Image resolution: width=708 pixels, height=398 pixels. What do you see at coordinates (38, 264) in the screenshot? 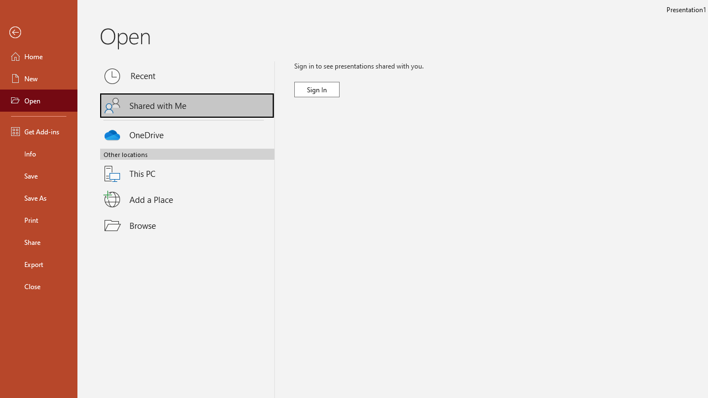
I see `'Export'` at bounding box center [38, 264].